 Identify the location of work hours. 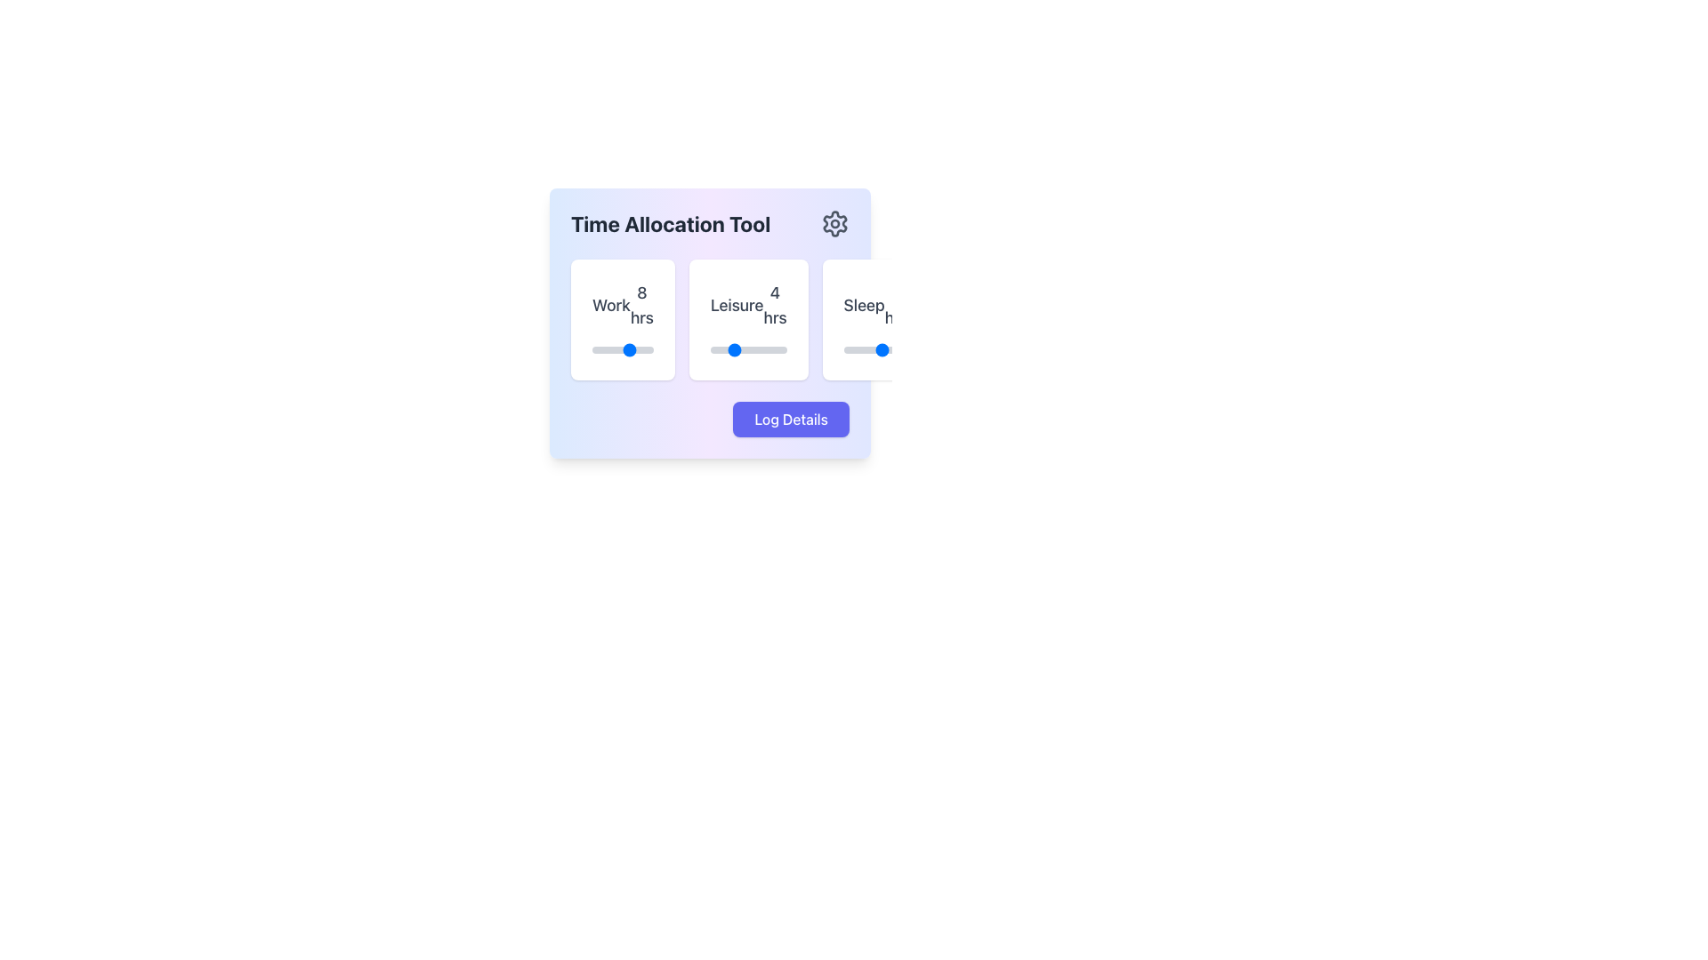
(603, 349).